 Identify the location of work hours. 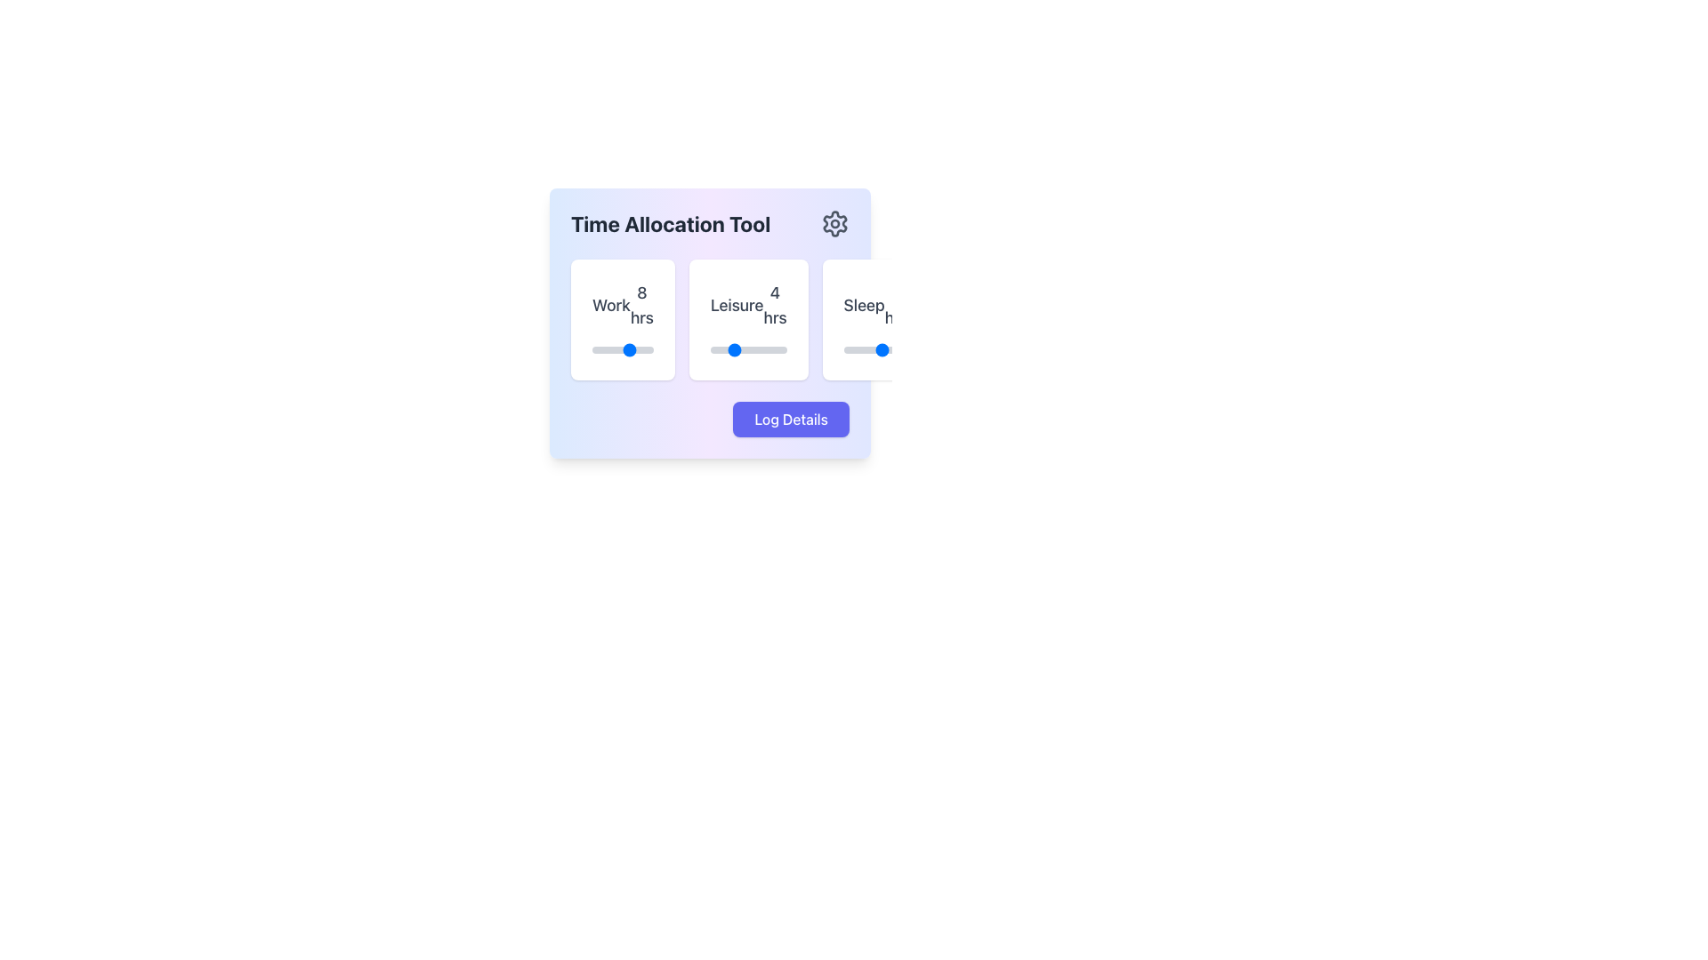
(603, 349).